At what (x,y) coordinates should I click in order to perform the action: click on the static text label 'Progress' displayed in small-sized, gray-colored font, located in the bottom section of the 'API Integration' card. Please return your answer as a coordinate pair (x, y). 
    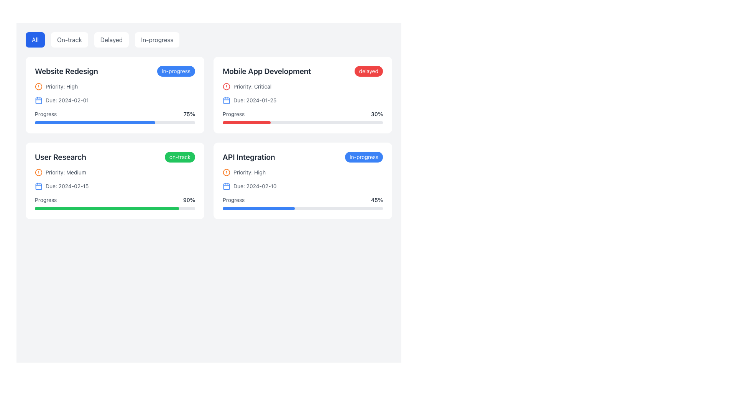
    Looking at the image, I should click on (233, 199).